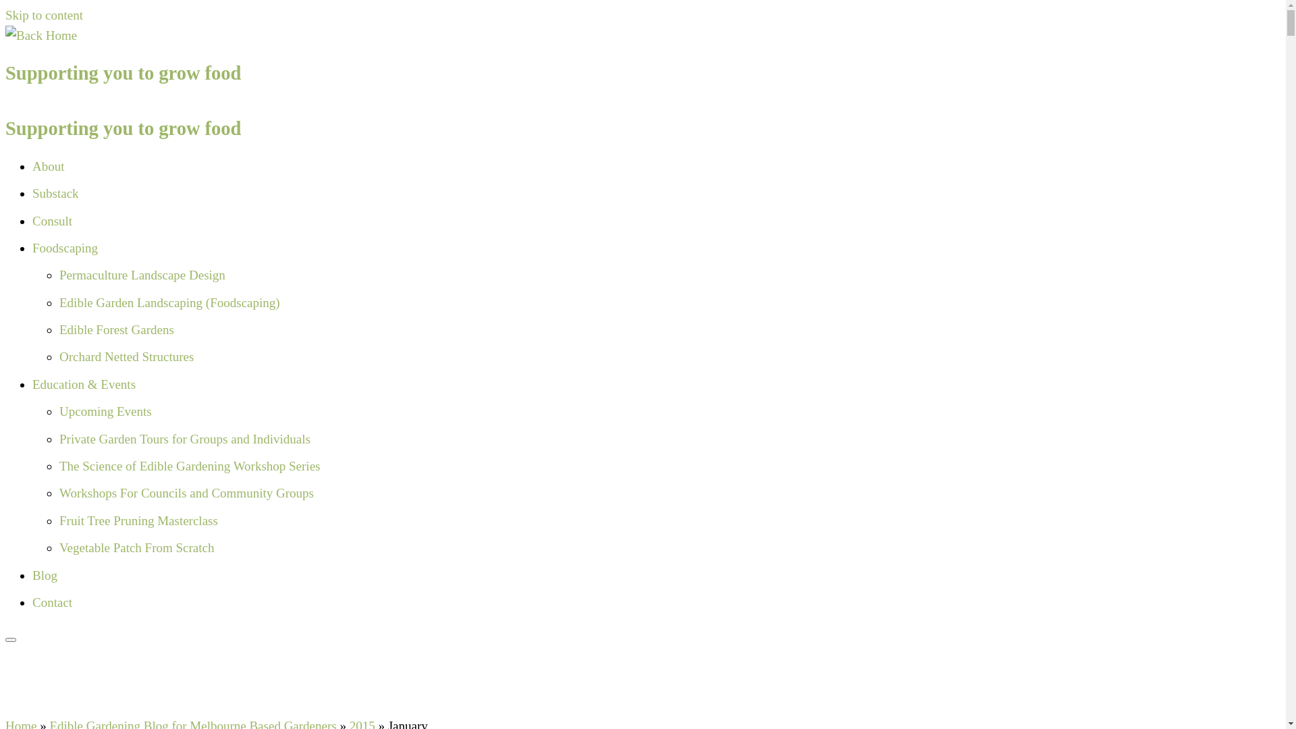 The height and width of the screenshot is (729, 1296). I want to click on 'Fruit Tree Pruning Masterclass', so click(58, 520).